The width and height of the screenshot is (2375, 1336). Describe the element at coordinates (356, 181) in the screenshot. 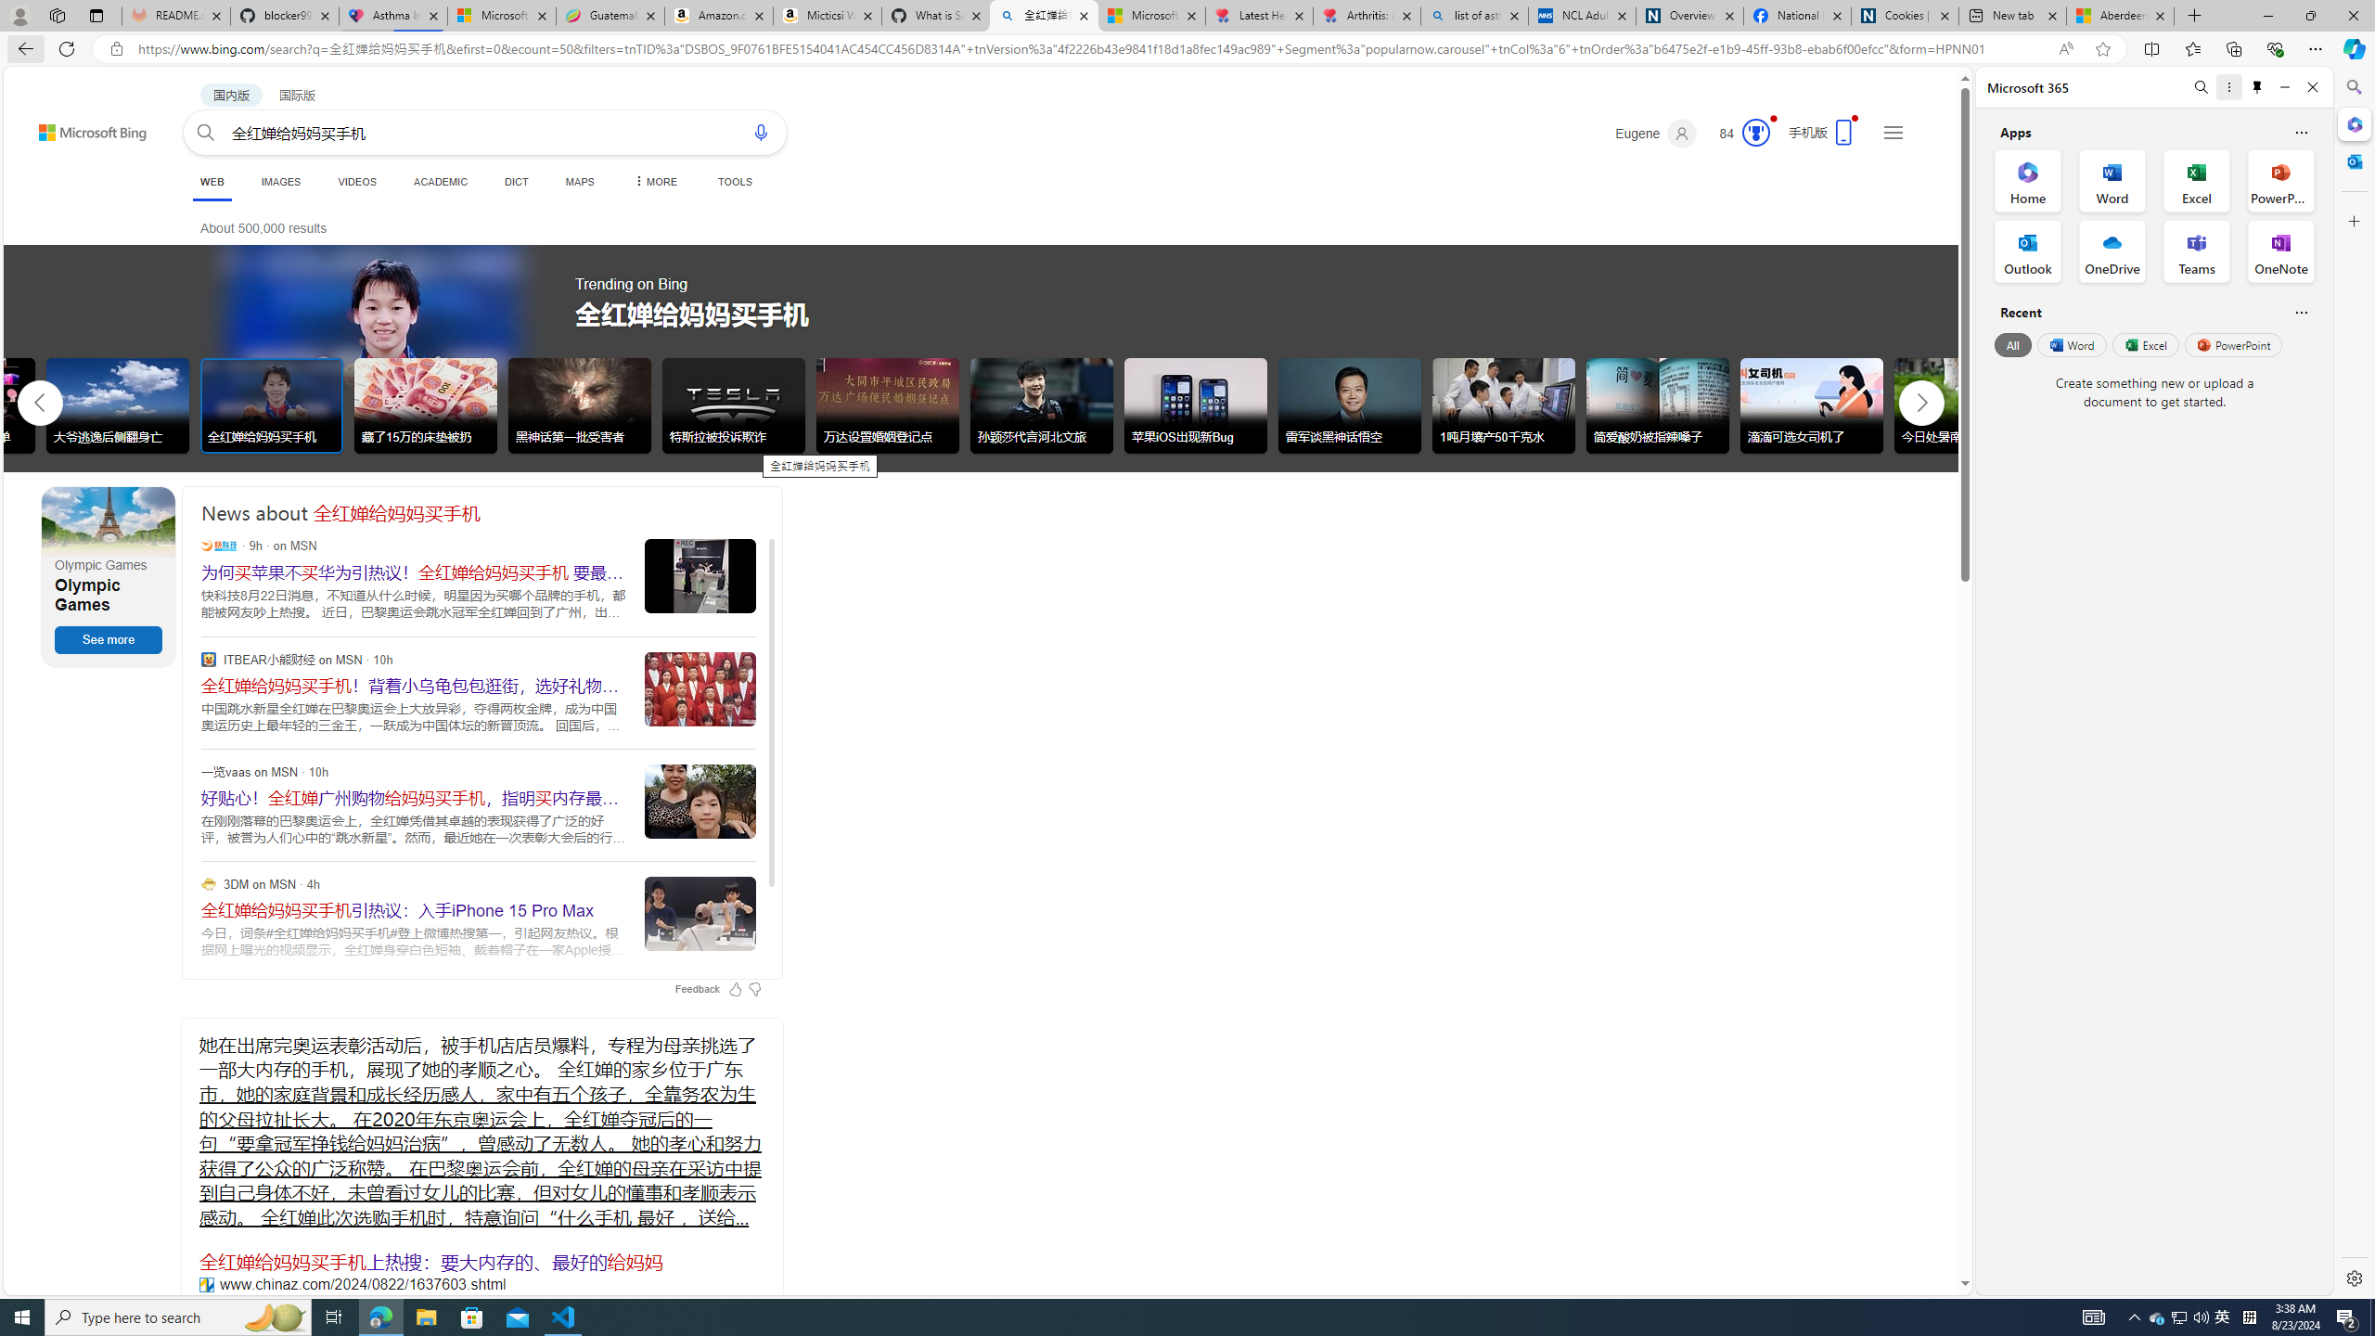

I see `'VIDEOS'` at that location.